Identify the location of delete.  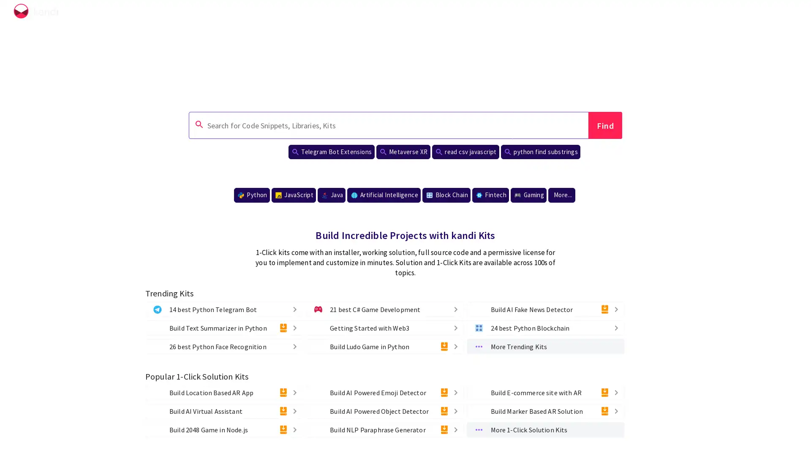
(616, 309).